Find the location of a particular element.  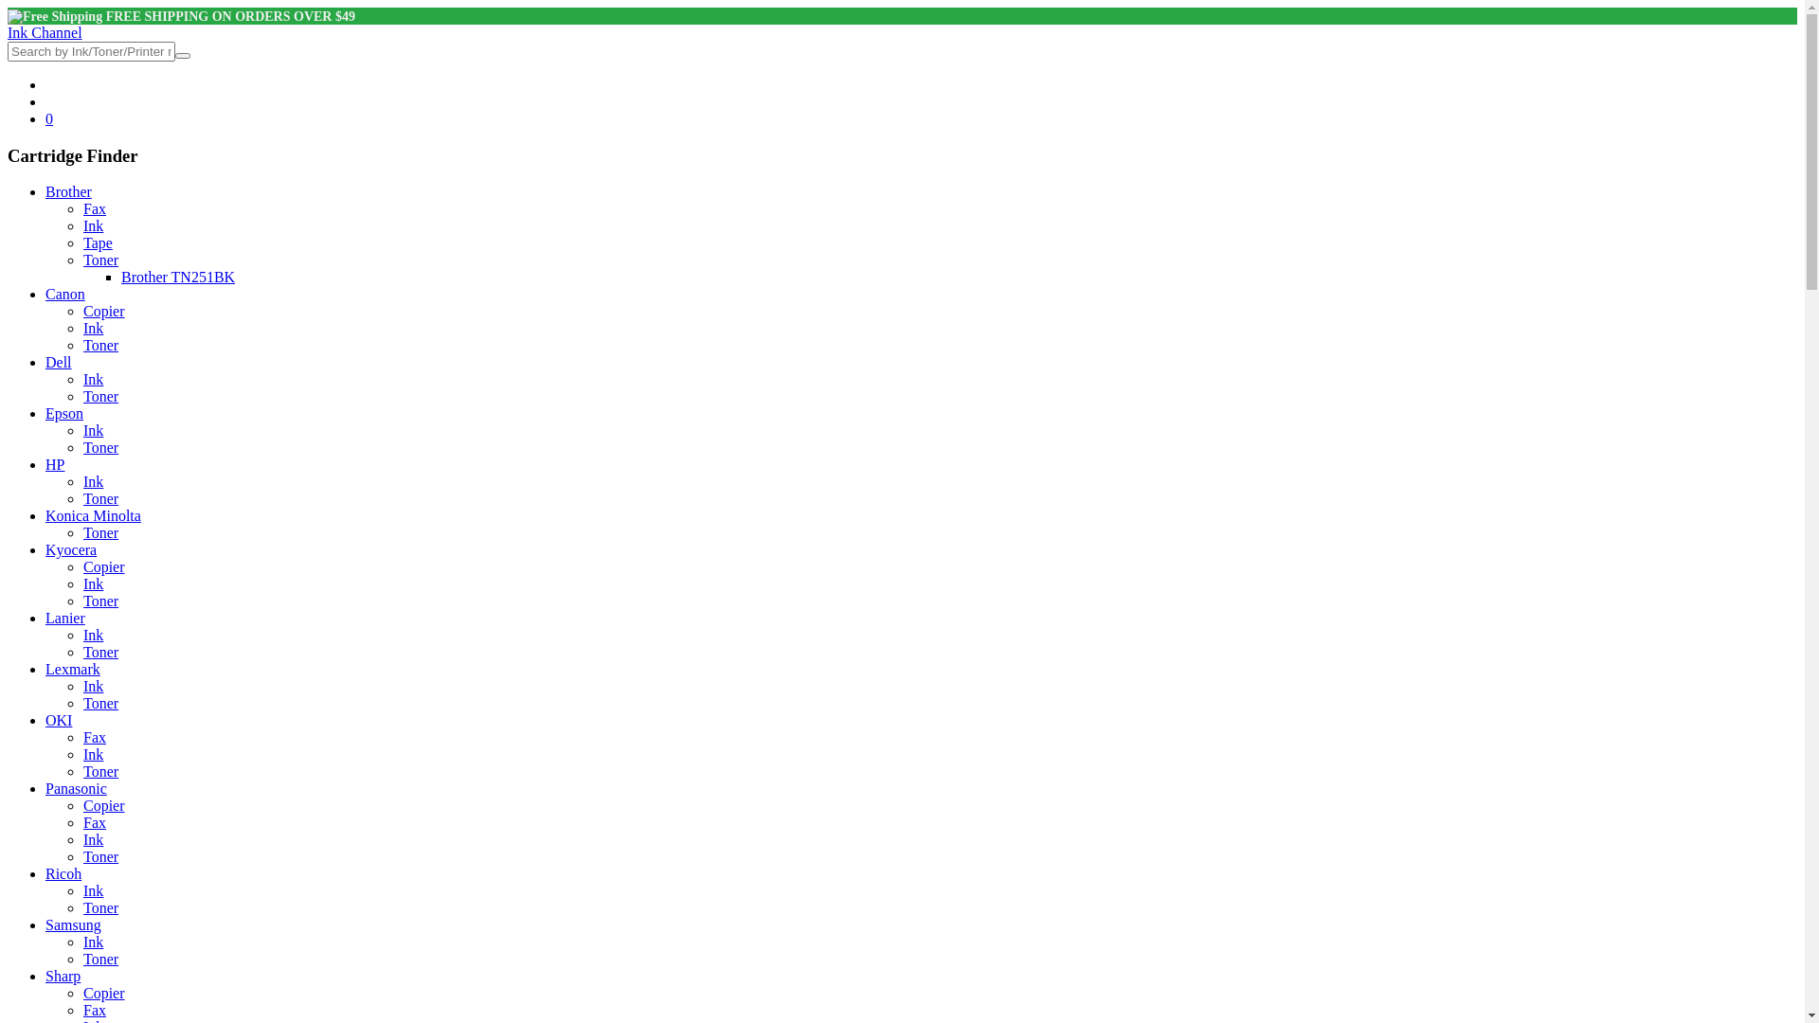

'0' is located at coordinates (49, 118).